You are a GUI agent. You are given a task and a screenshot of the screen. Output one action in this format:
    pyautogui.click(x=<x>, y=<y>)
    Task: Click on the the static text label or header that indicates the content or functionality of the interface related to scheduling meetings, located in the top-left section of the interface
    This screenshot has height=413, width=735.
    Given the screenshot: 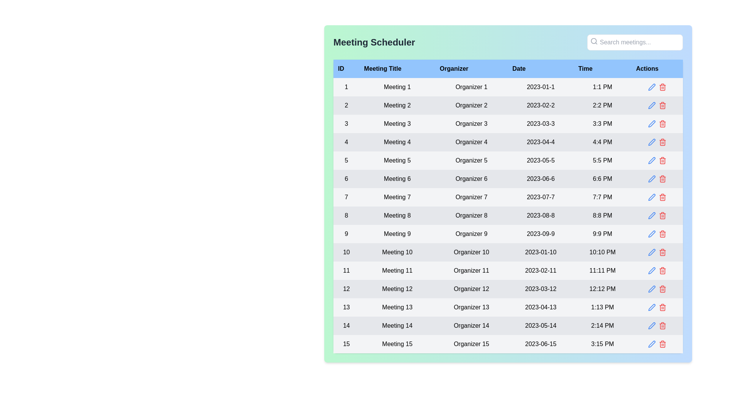 What is the action you would take?
    pyautogui.click(x=374, y=42)
    